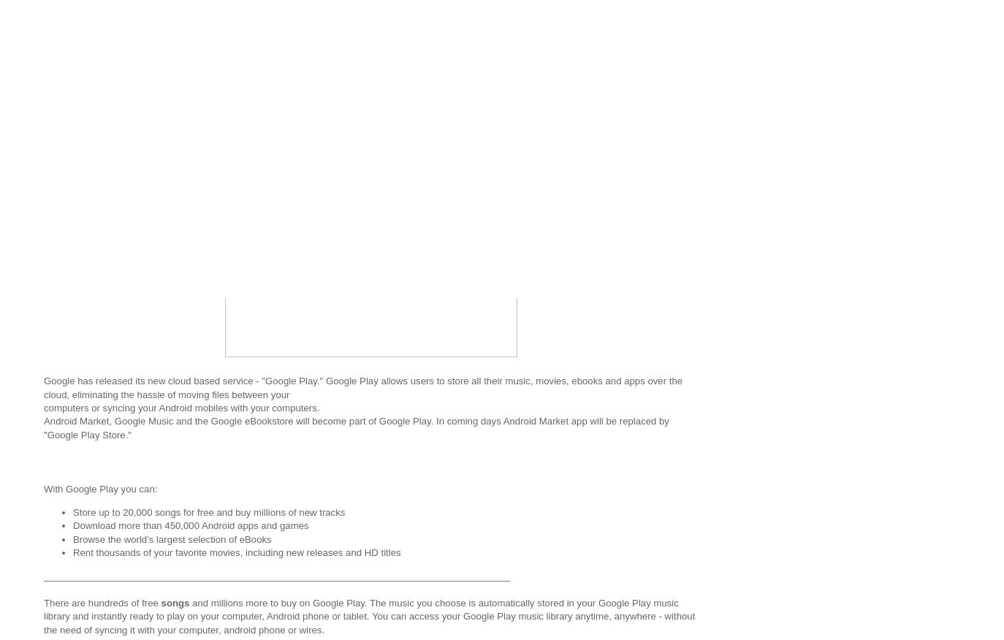 The width and height of the screenshot is (1004, 640). What do you see at coordinates (171, 538) in the screenshot?
I see `'Browse the world’s largest selection of eBooks'` at bounding box center [171, 538].